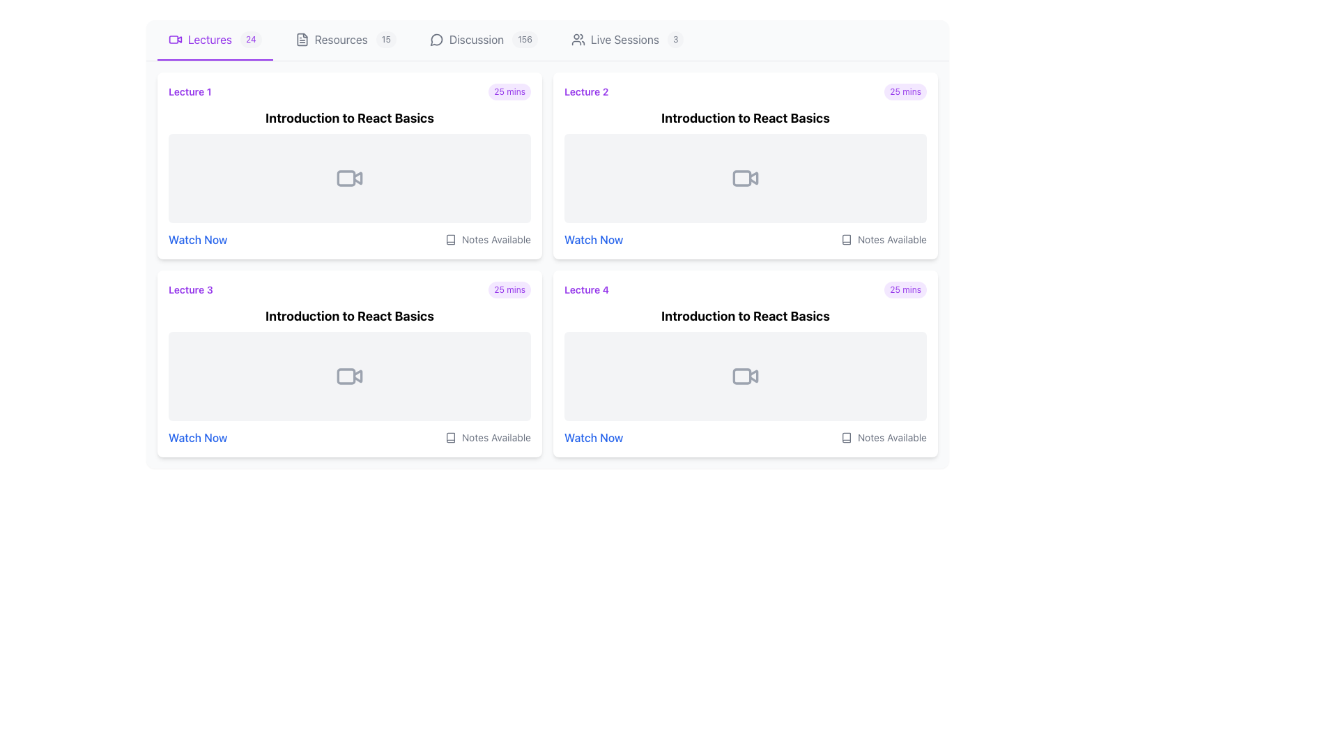 Image resolution: width=1338 pixels, height=753 pixels. What do you see at coordinates (753, 177) in the screenshot?
I see `the video playback icon located in the upper-right grid slot of the second lecture card (Lecture 2)` at bounding box center [753, 177].